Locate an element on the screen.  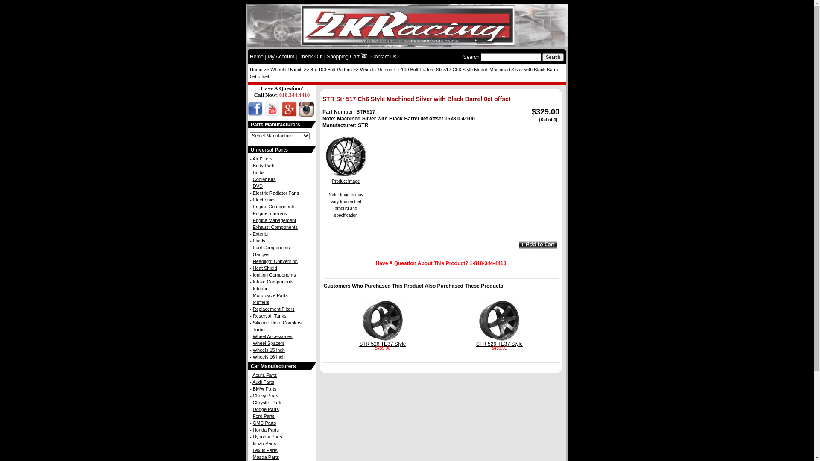
'Exterior' is located at coordinates (260, 233).